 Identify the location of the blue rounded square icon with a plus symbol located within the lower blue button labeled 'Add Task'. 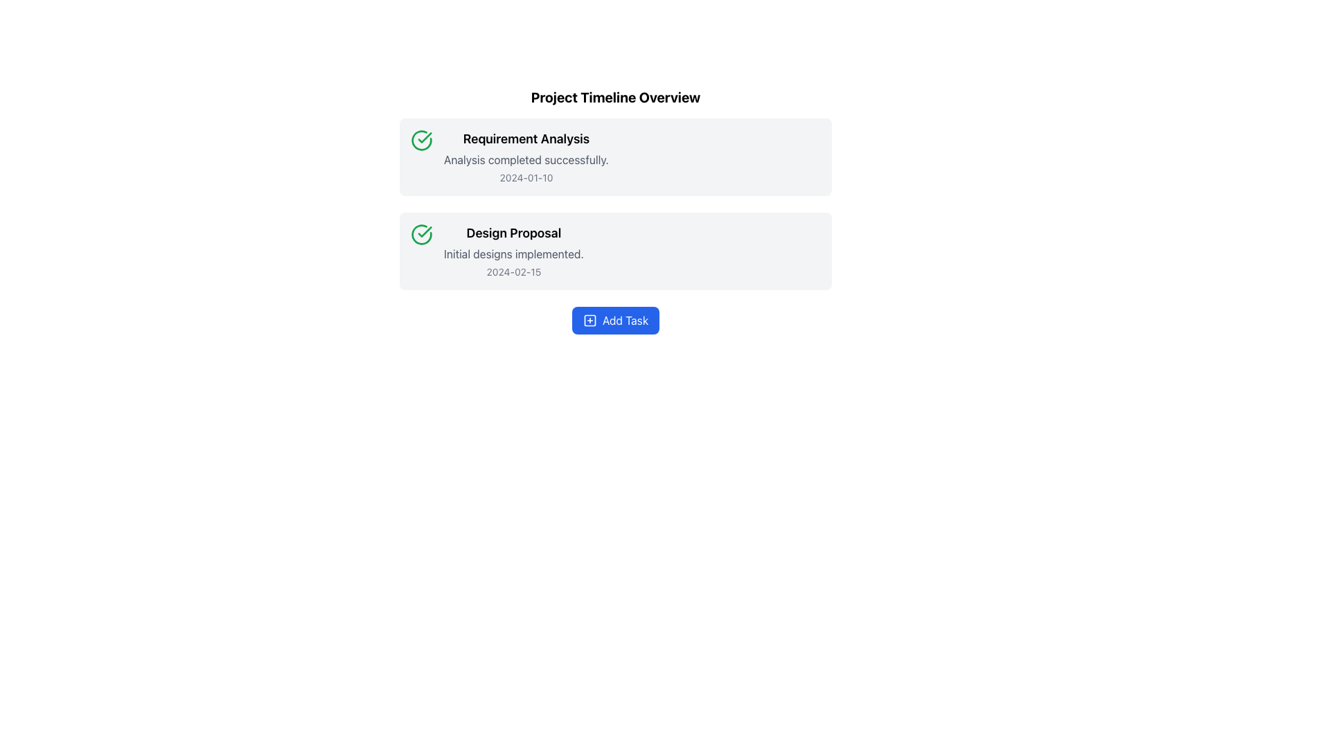
(589, 320).